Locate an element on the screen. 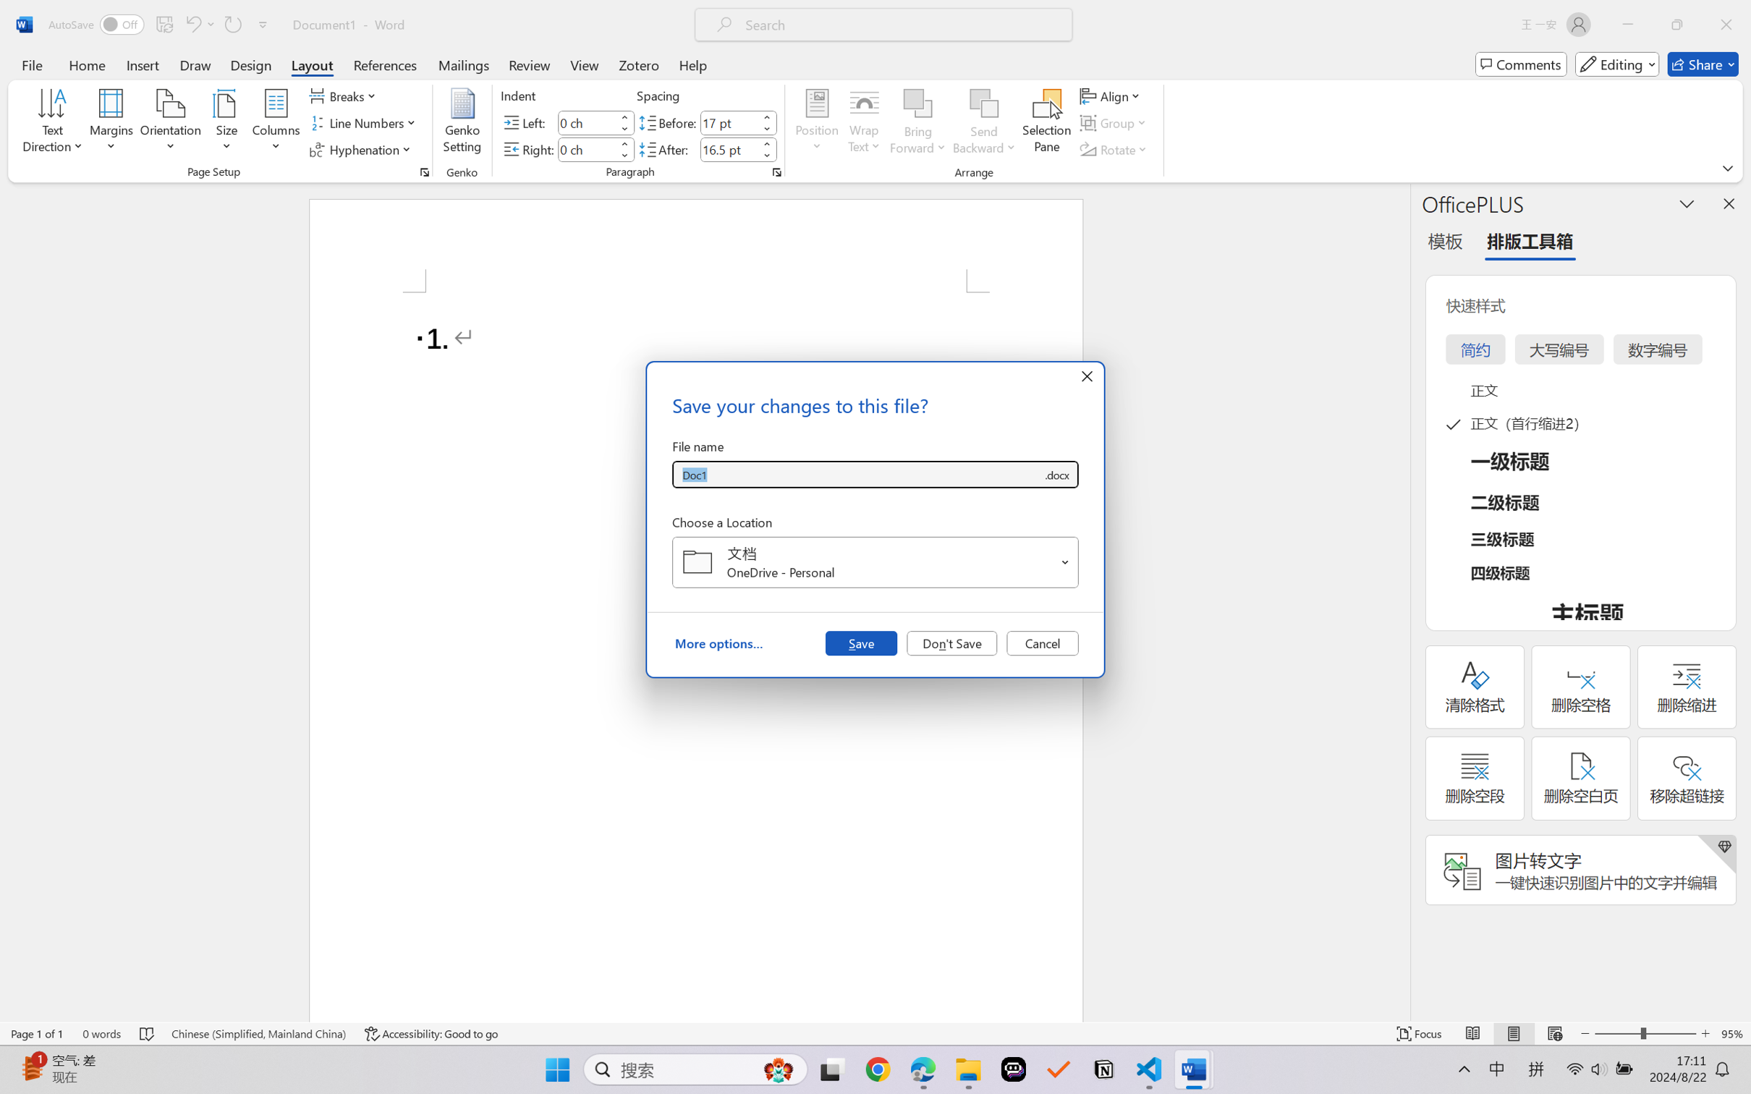 The width and height of the screenshot is (1751, 1094). 'Save as type' is located at coordinates (1056, 475).